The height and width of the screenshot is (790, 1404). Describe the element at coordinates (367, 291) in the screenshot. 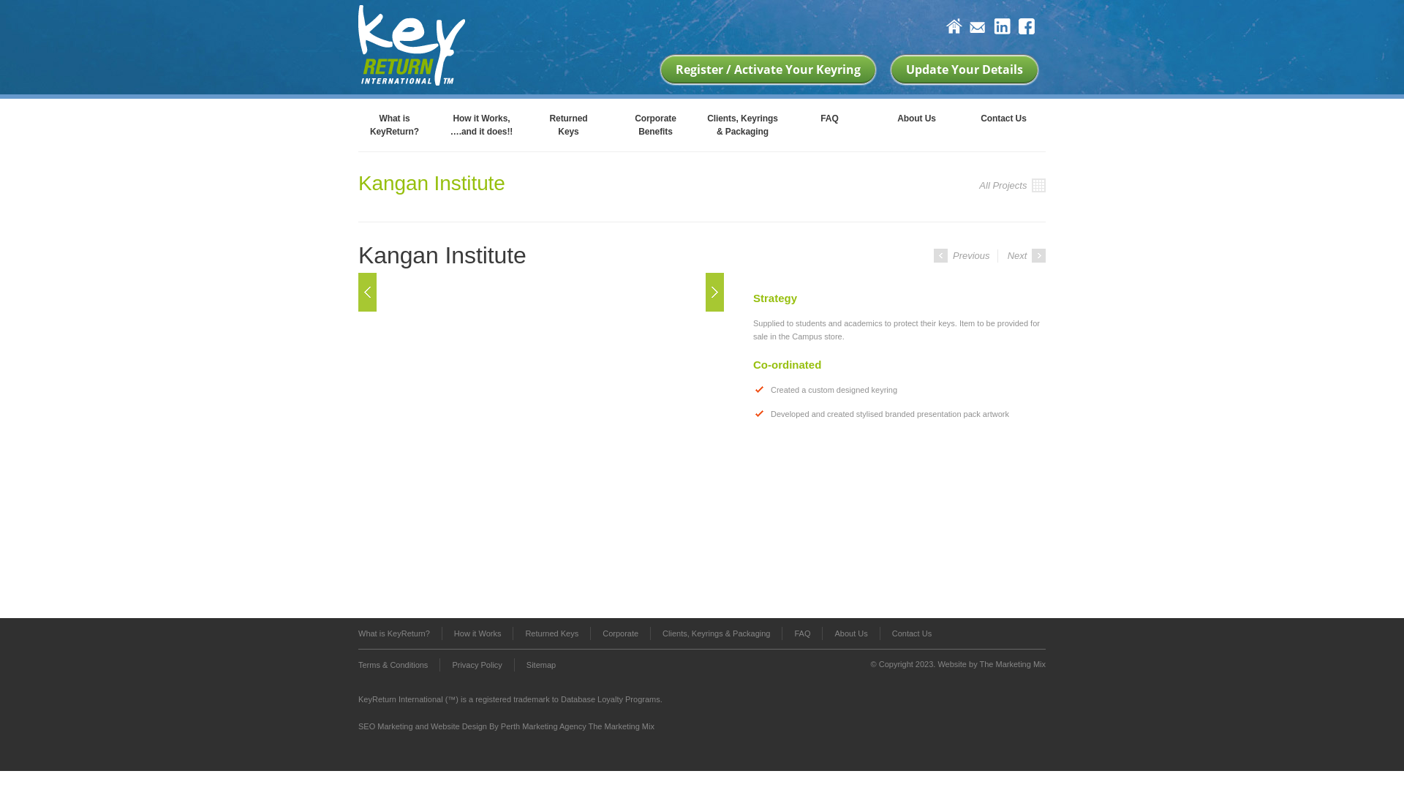

I see `'Prev'` at that location.